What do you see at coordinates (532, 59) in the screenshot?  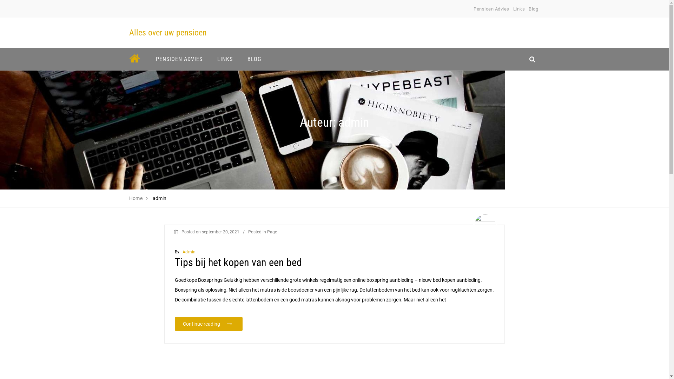 I see `'search_icon'` at bounding box center [532, 59].